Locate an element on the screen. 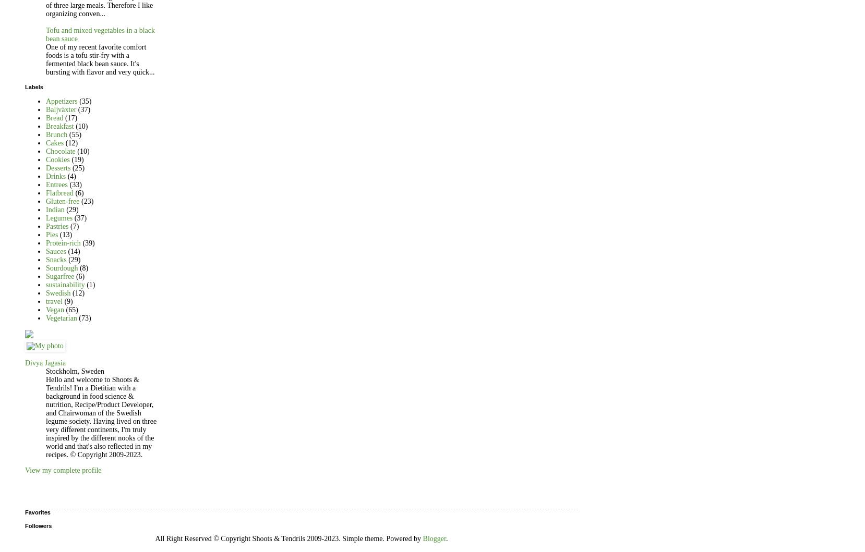 This screenshot has width=865, height=552. 'Swedish' is located at coordinates (45, 292).